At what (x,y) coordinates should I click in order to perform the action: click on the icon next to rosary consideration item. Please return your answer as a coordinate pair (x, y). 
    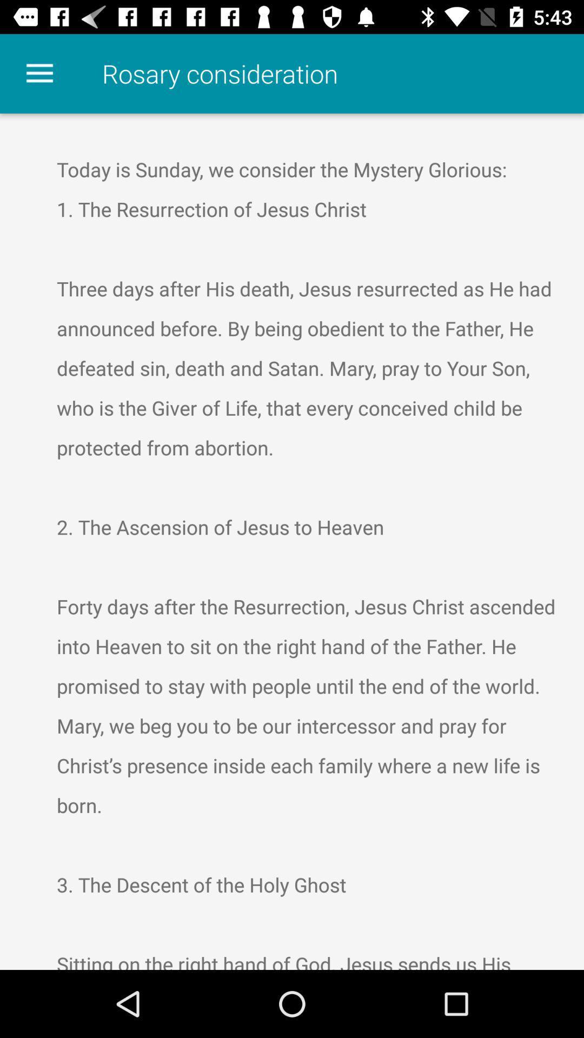
    Looking at the image, I should click on (39, 73).